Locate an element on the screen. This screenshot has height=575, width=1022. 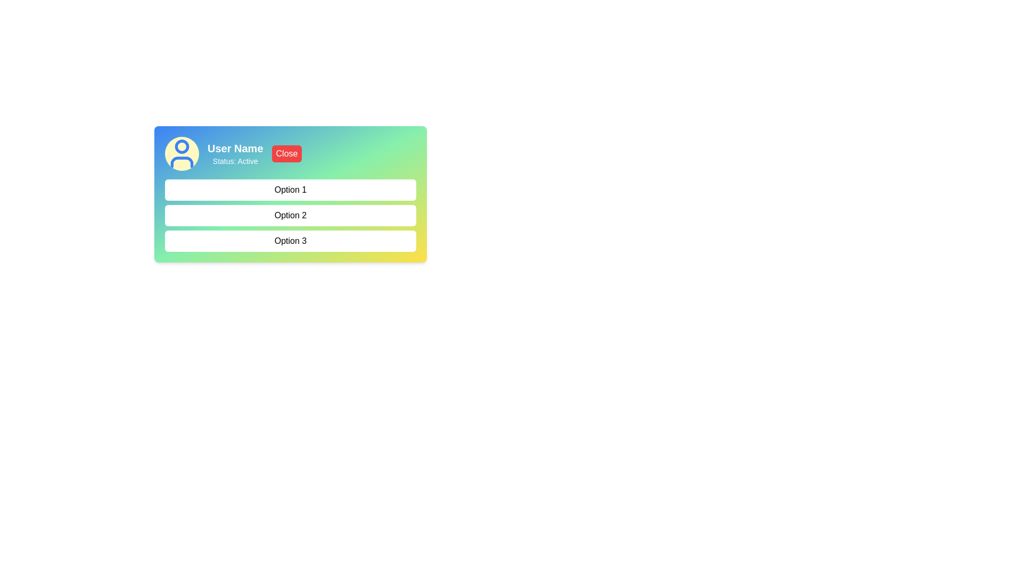
the static text label that displays the user status 'Active', located below and slightly to the right of 'User Name' is located at coordinates (235, 161).